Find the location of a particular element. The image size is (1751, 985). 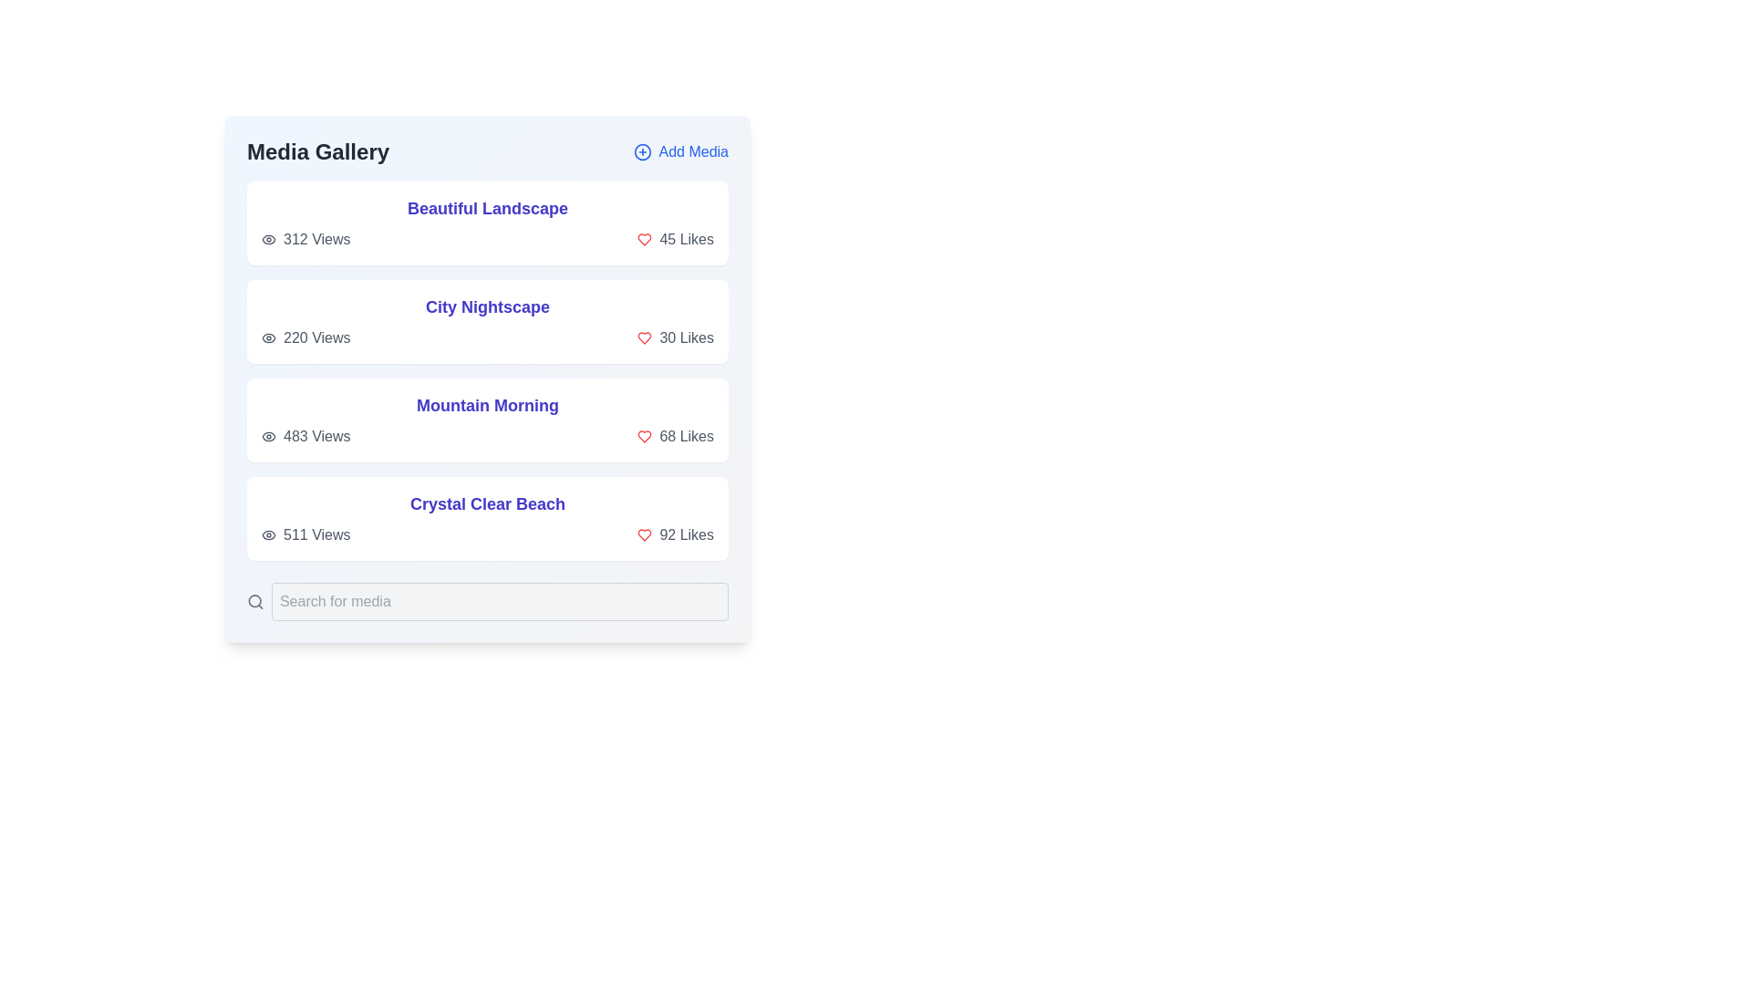

the views icon for the item titled City Nightscape is located at coordinates (267, 337).